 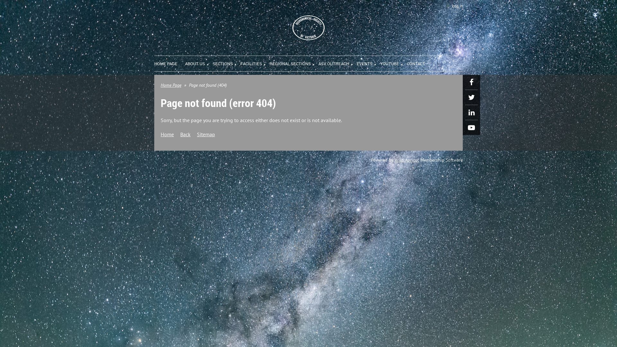 I want to click on 'Back', so click(x=185, y=134).